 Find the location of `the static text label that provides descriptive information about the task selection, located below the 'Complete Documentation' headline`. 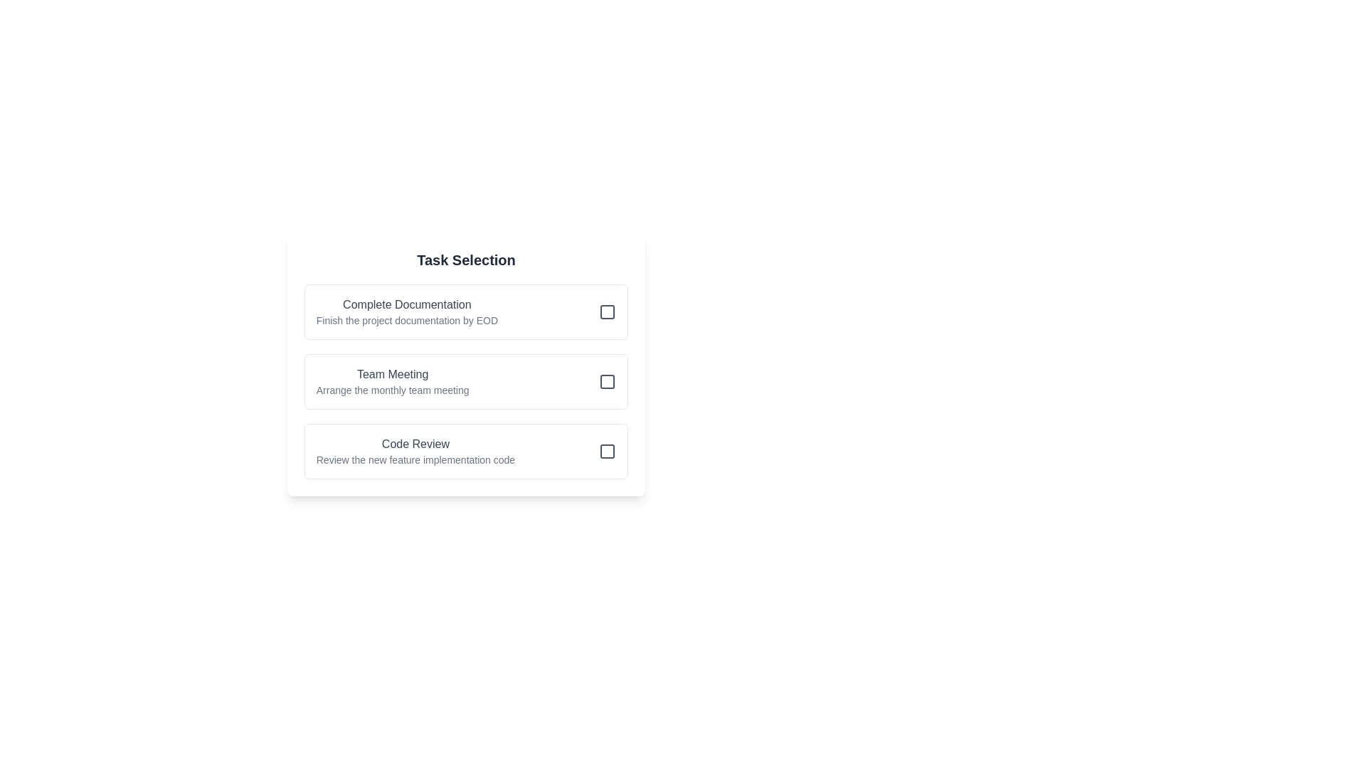

the static text label that provides descriptive information about the task selection, located below the 'Complete Documentation' headline is located at coordinates (406, 321).